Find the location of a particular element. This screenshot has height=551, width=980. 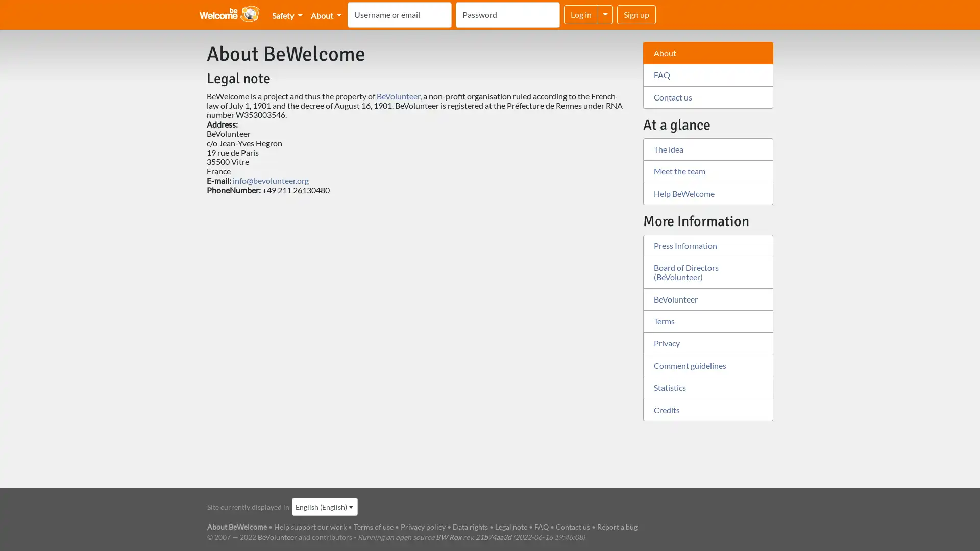

Log in is located at coordinates (581, 15).